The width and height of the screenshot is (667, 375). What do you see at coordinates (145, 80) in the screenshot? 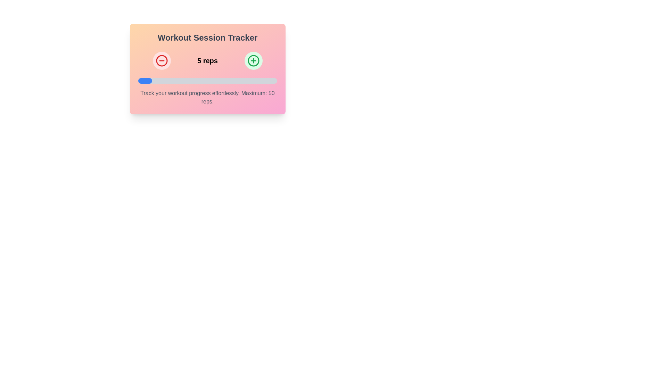
I see `the progress indicator at the beginning of the progress bar, which visually shows 10% progress` at bounding box center [145, 80].